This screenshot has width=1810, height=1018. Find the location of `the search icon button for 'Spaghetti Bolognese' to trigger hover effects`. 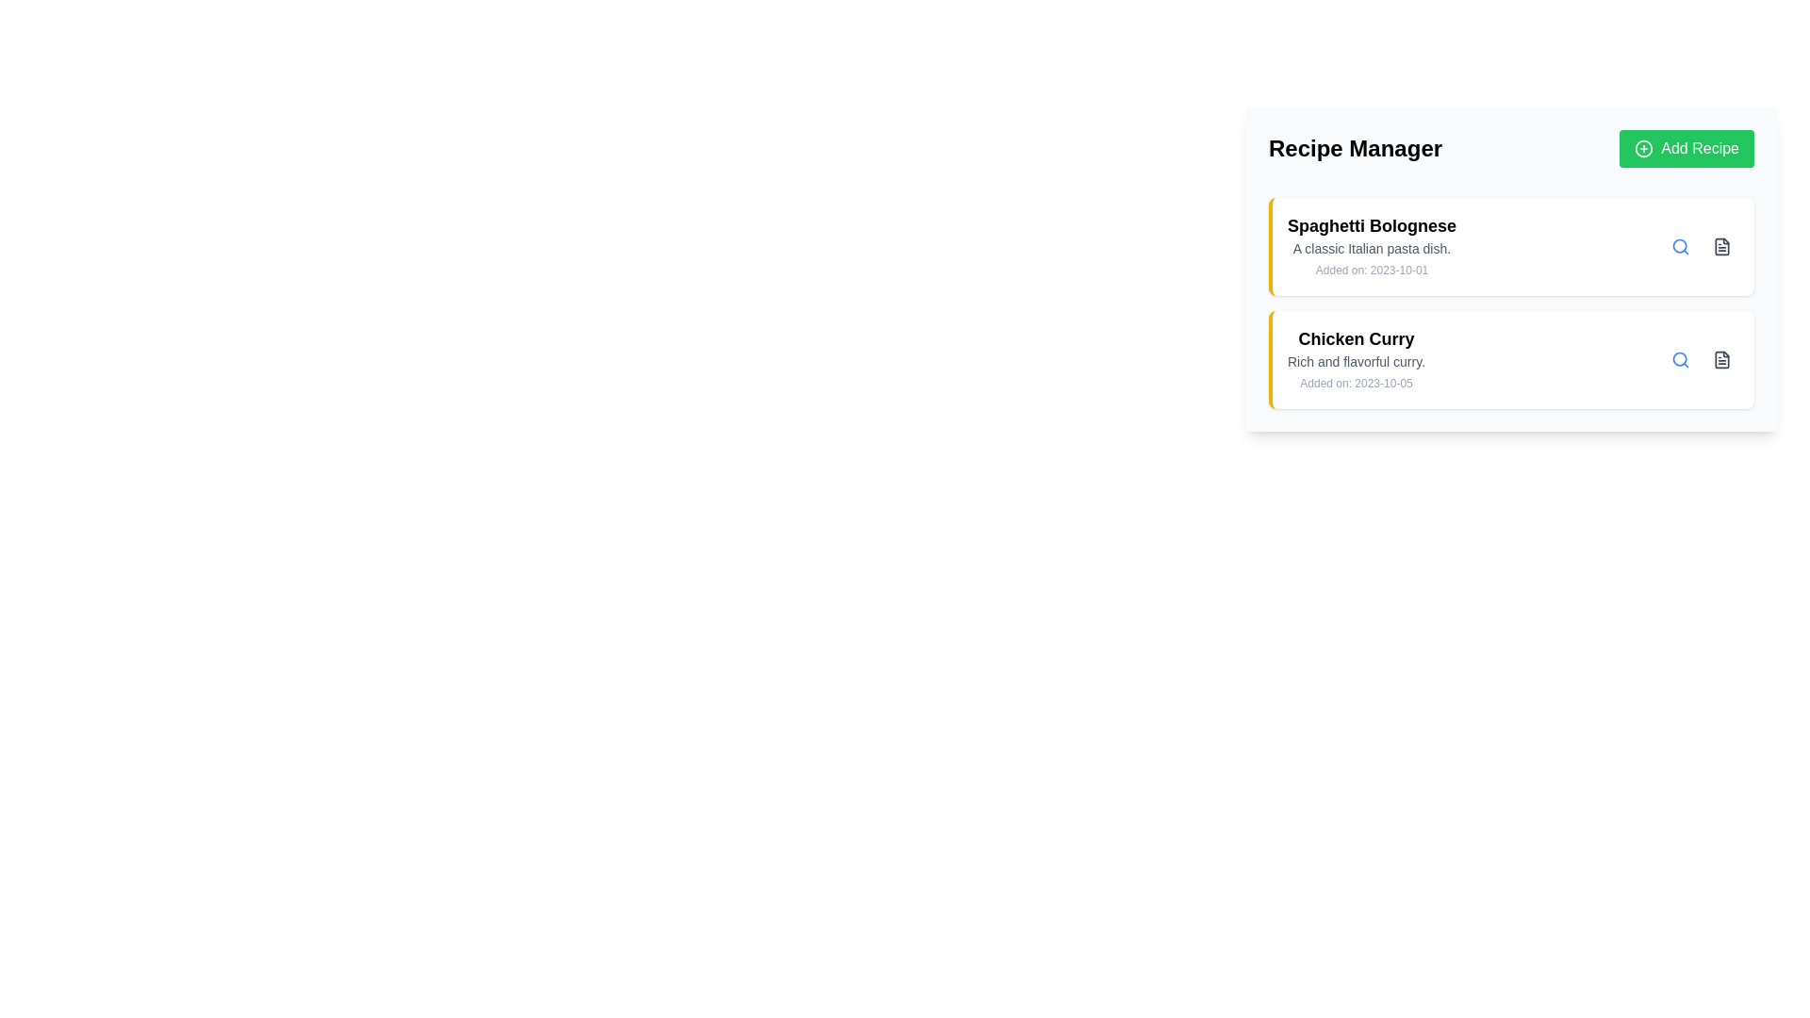

the search icon button for 'Spaghetti Bolognese' to trigger hover effects is located at coordinates (1680, 246).